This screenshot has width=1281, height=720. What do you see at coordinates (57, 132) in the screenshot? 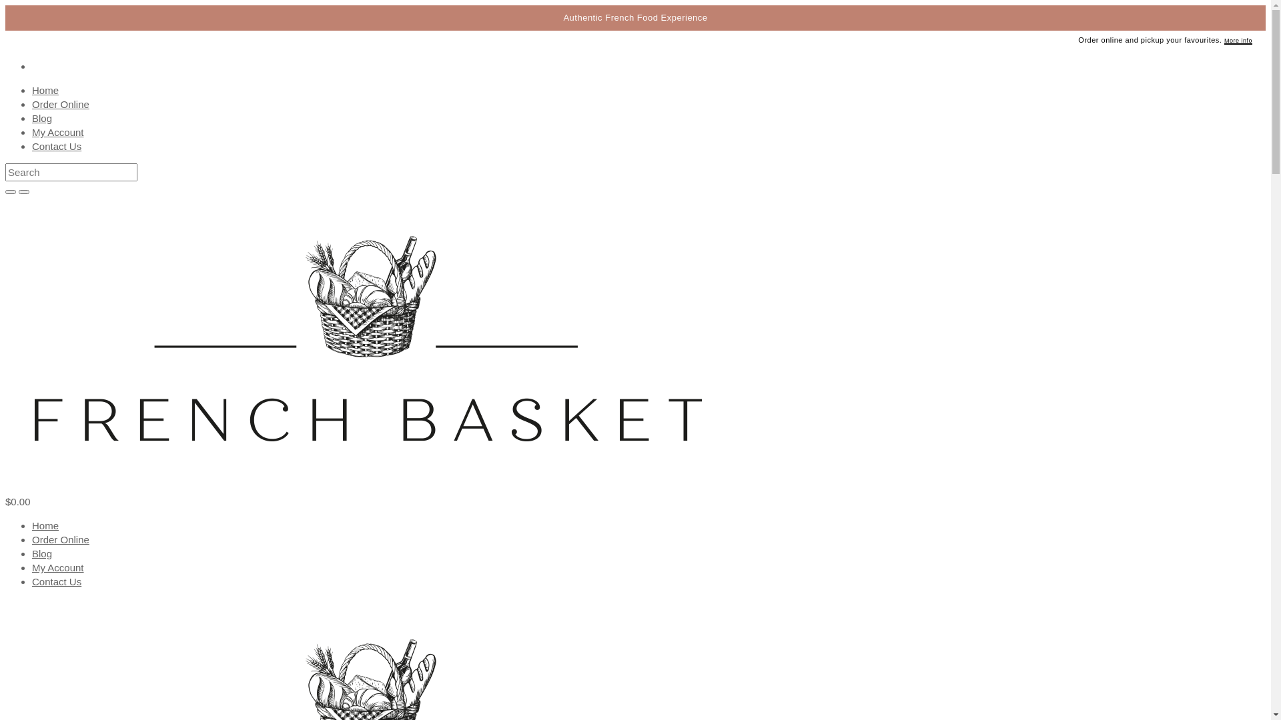
I see `'My Account'` at bounding box center [57, 132].